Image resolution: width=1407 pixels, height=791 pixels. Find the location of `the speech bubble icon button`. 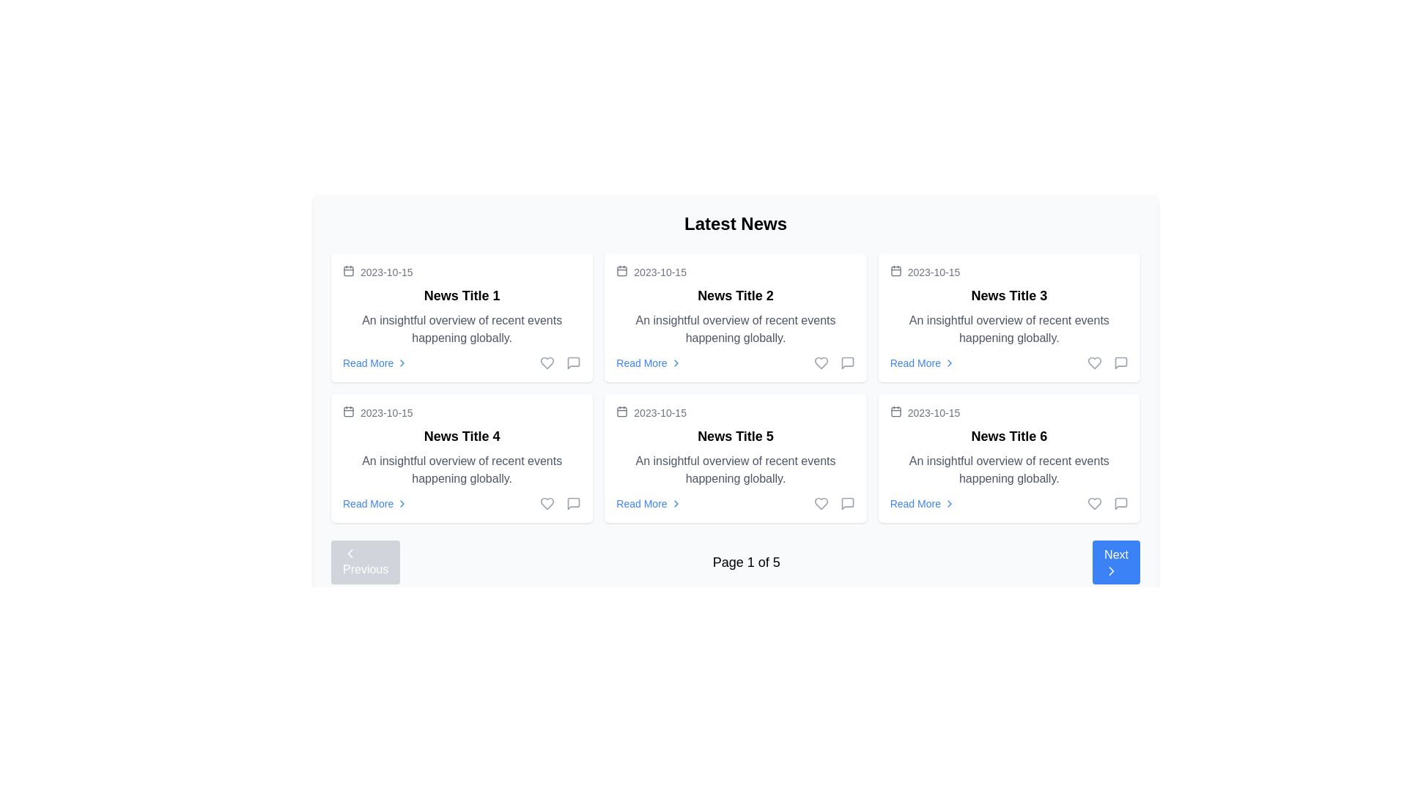

the speech bubble icon button is located at coordinates (573, 502).